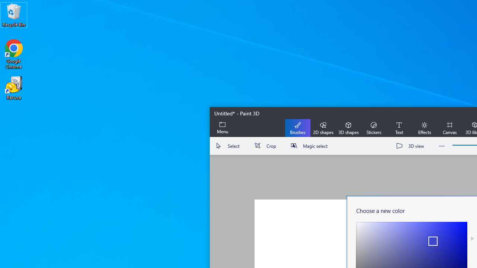 The height and width of the screenshot is (268, 477). What do you see at coordinates (14, 15) in the screenshot?
I see `'Recycle Bin'` at bounding box center [14, 15].